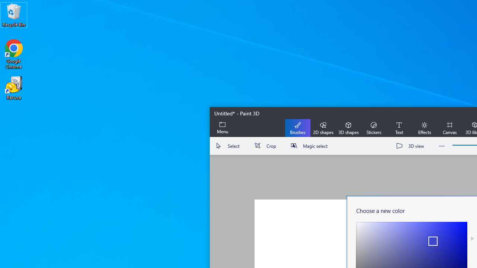 The height and width of the screenshot is (268, 477). What do you see at coordinates (14, 15) in the screenshot?
I see `'Recycle Bin'` at bounding box center [14, 15].